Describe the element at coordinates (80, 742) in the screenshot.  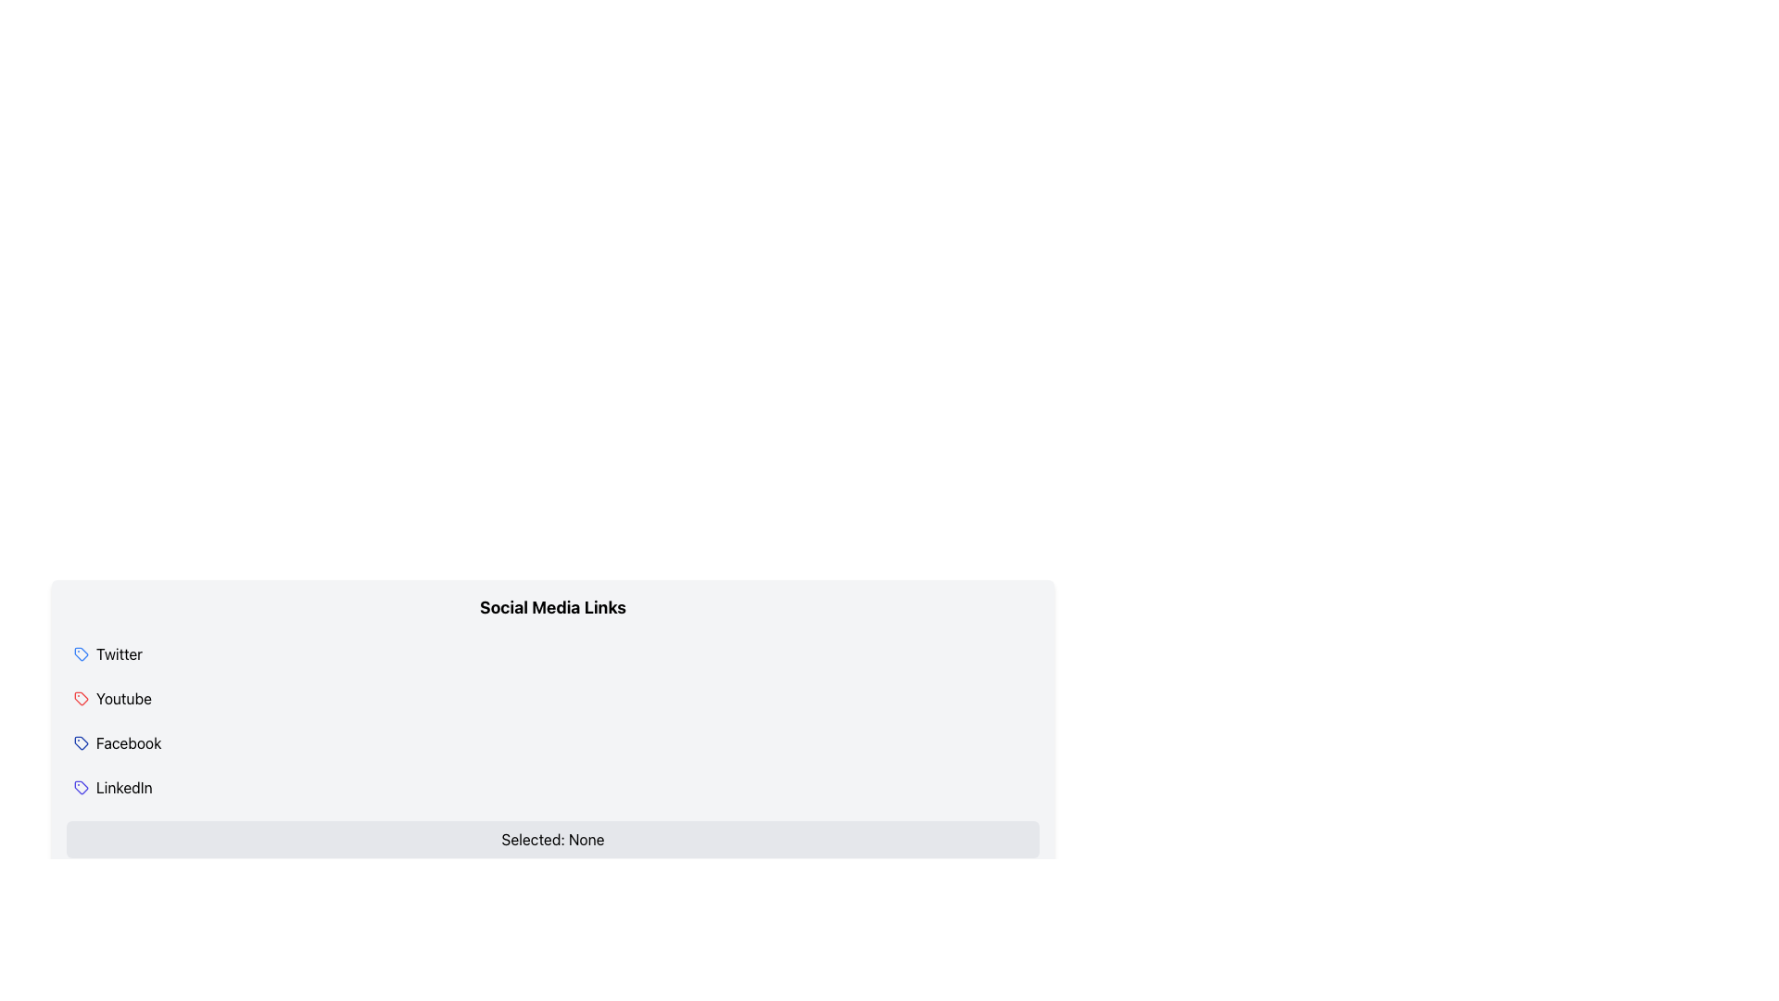
I see `the icon representing the 'Facebook' tag or label, which is positioned to the left of the text 'Facebook' in the list item` at that location.